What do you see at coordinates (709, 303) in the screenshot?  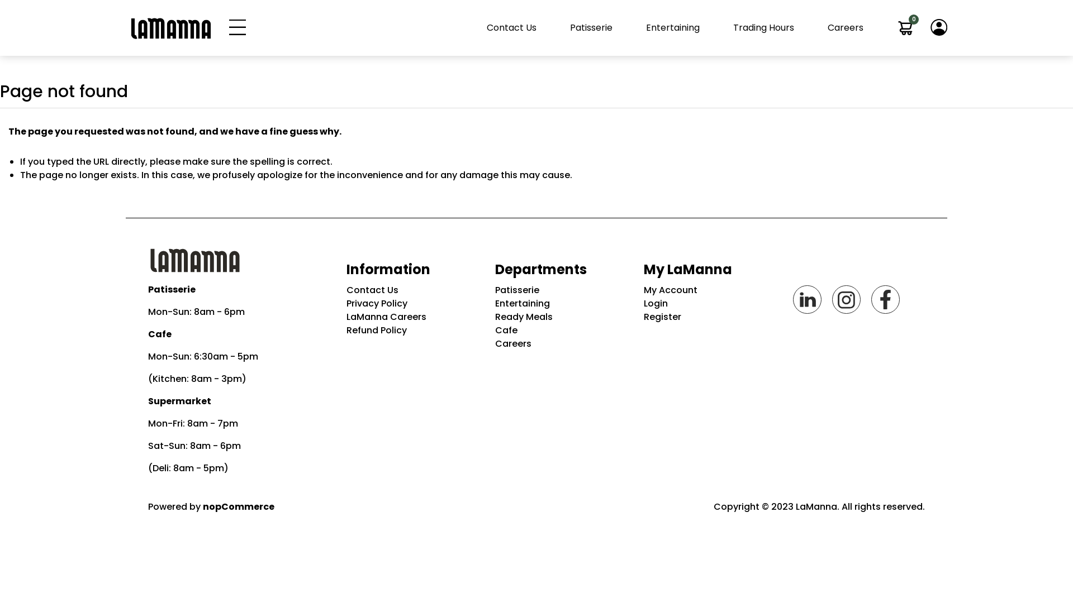 I see `'Login'` at bounding box center [709, 303].